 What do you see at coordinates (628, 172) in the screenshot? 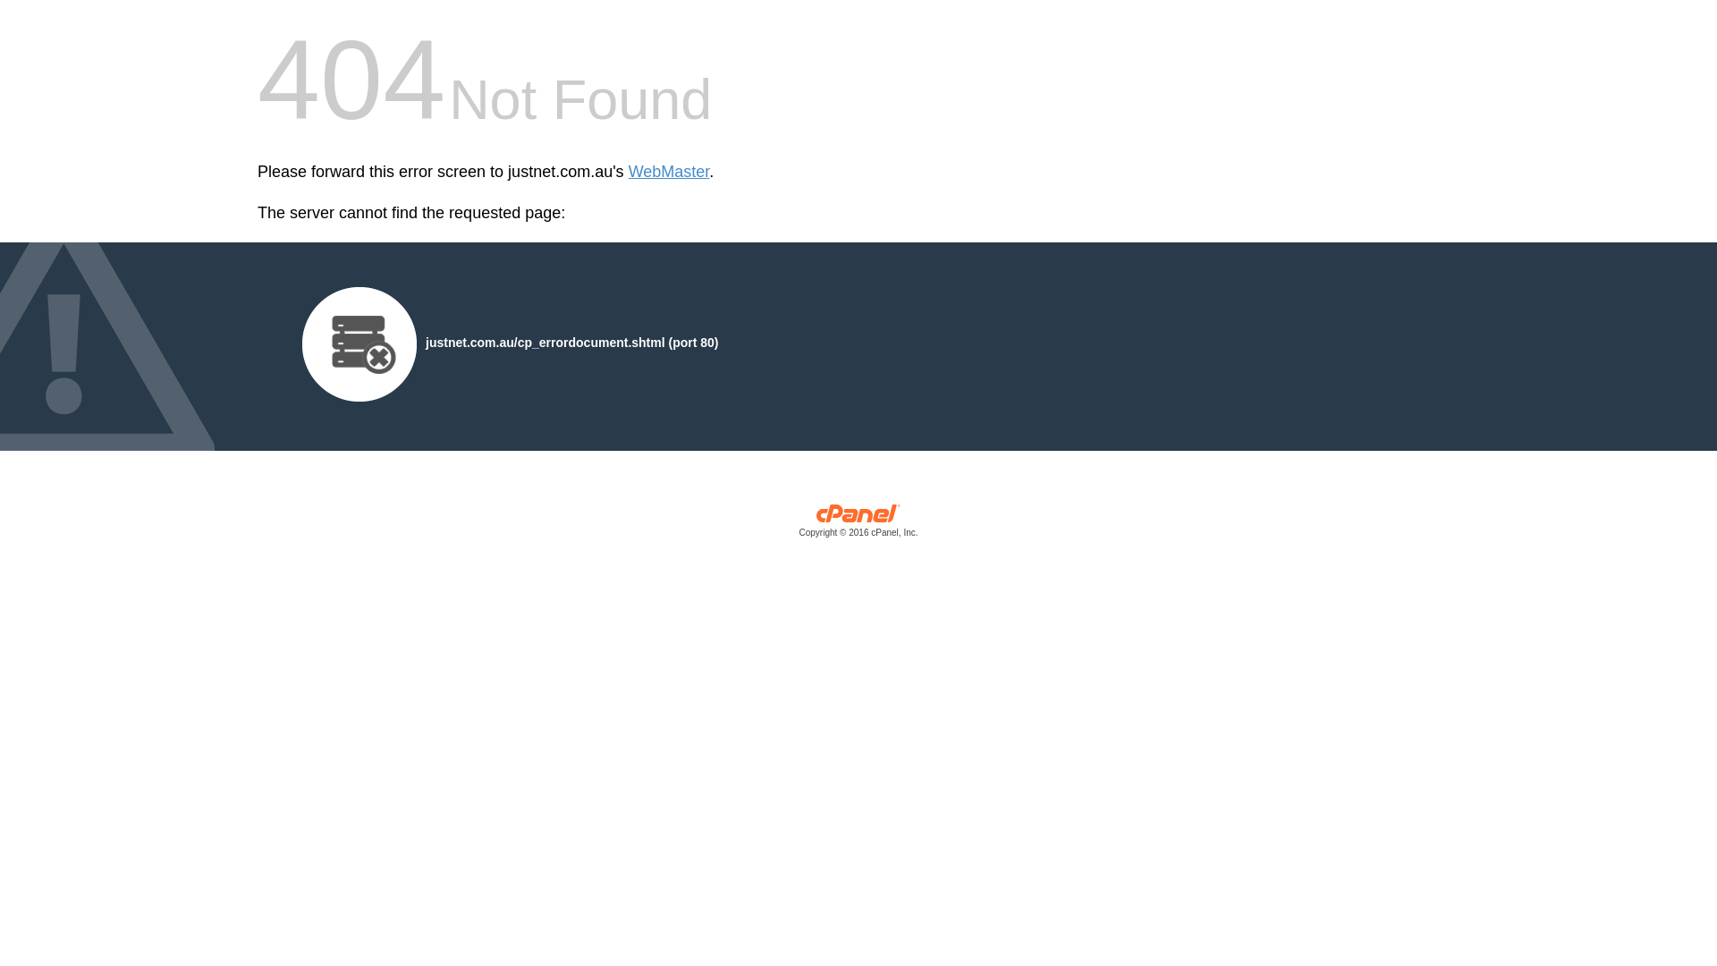
I see `'WebMaster'` at bounding box center [628, 172].